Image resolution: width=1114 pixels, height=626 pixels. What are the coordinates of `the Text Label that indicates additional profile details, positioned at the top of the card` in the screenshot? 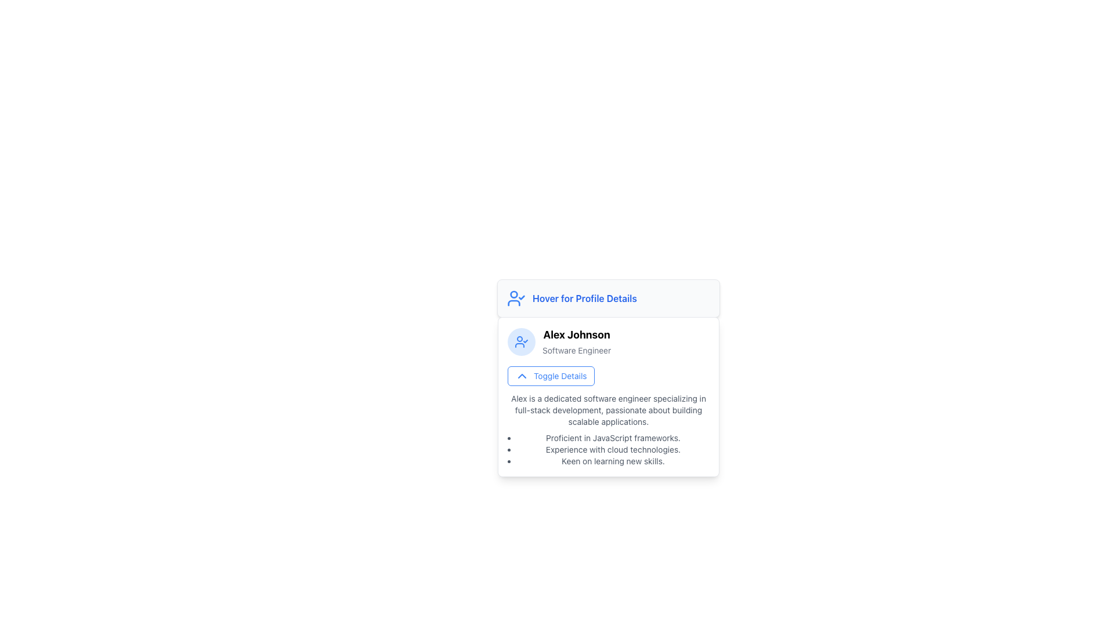 It's located at (585, 298).